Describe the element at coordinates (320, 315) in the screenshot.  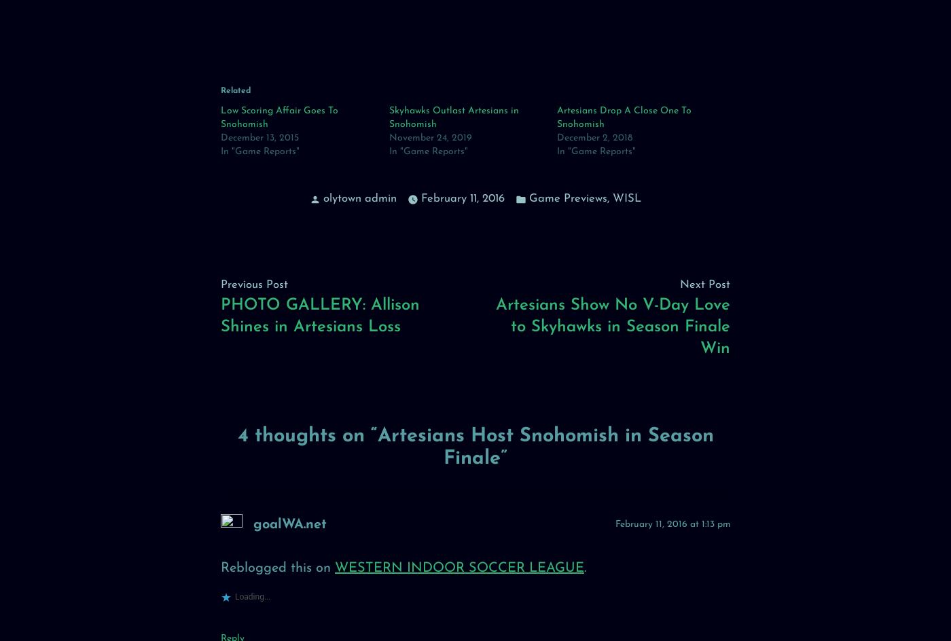
I see `'PHOTO GALLERY: Allison Shines in Artesians Loss'` at that location.